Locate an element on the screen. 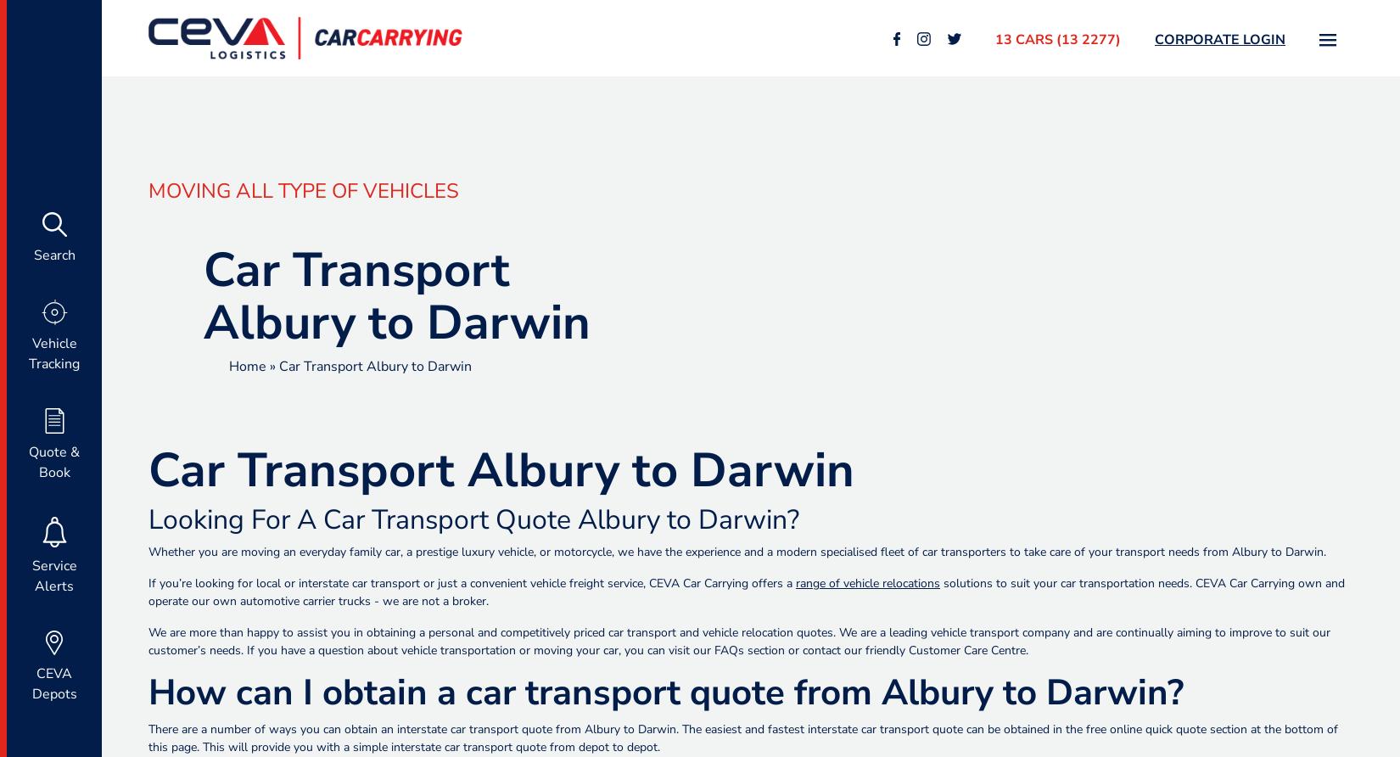 This screenshot has width=1400, height=757. 'We are more than happy to assist you in obtaining a personal and competitively priced car transport and vehicle relocation quotes. We are a leading vehicle transport company and are continually aiming to improve to suit our customer’s needs. If you have a question about vehicle transportation or moving your car, you can visit our' is located at coordinates (739, 641).